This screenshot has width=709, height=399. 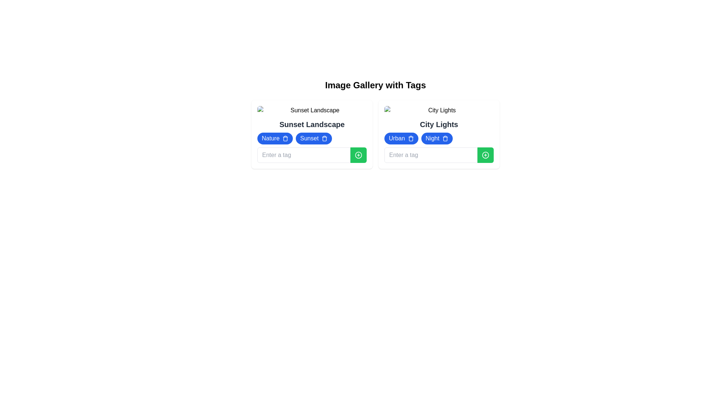 I want to click on the icon within the green button located to the far right of the text input field under the 'City Lights' section, so click(x=486, y=155).